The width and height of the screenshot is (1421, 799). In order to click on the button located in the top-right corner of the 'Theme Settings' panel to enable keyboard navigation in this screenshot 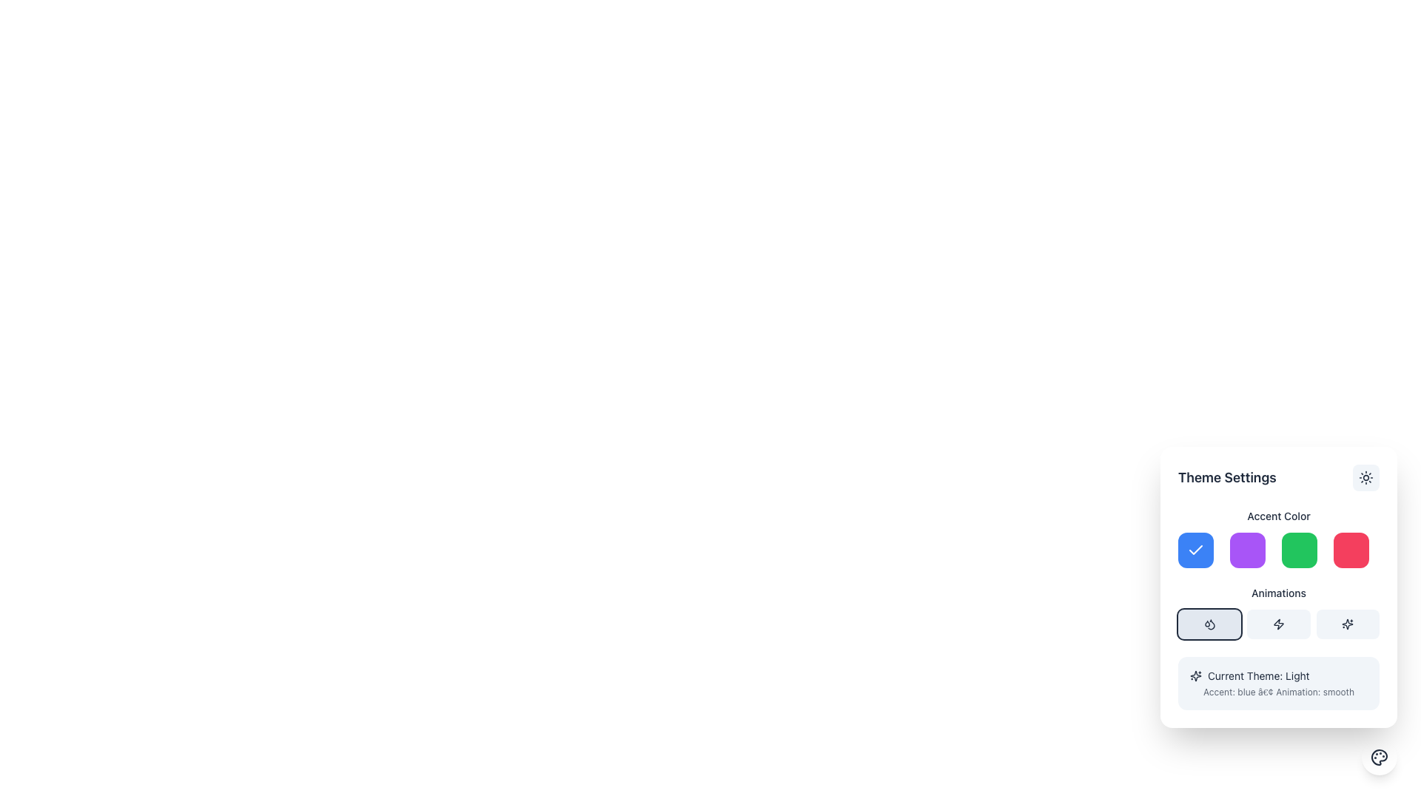, I will do `click(1365, 477)`.